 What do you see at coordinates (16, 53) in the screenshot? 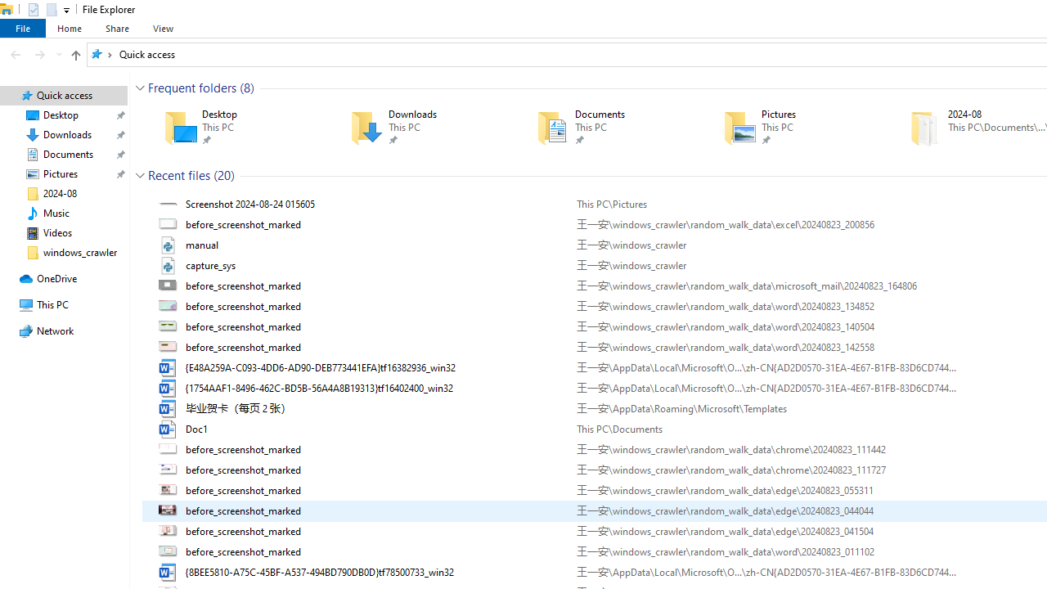
I see `'Back (Alt + Left Arrow)'` at bounding box center [16, 53].